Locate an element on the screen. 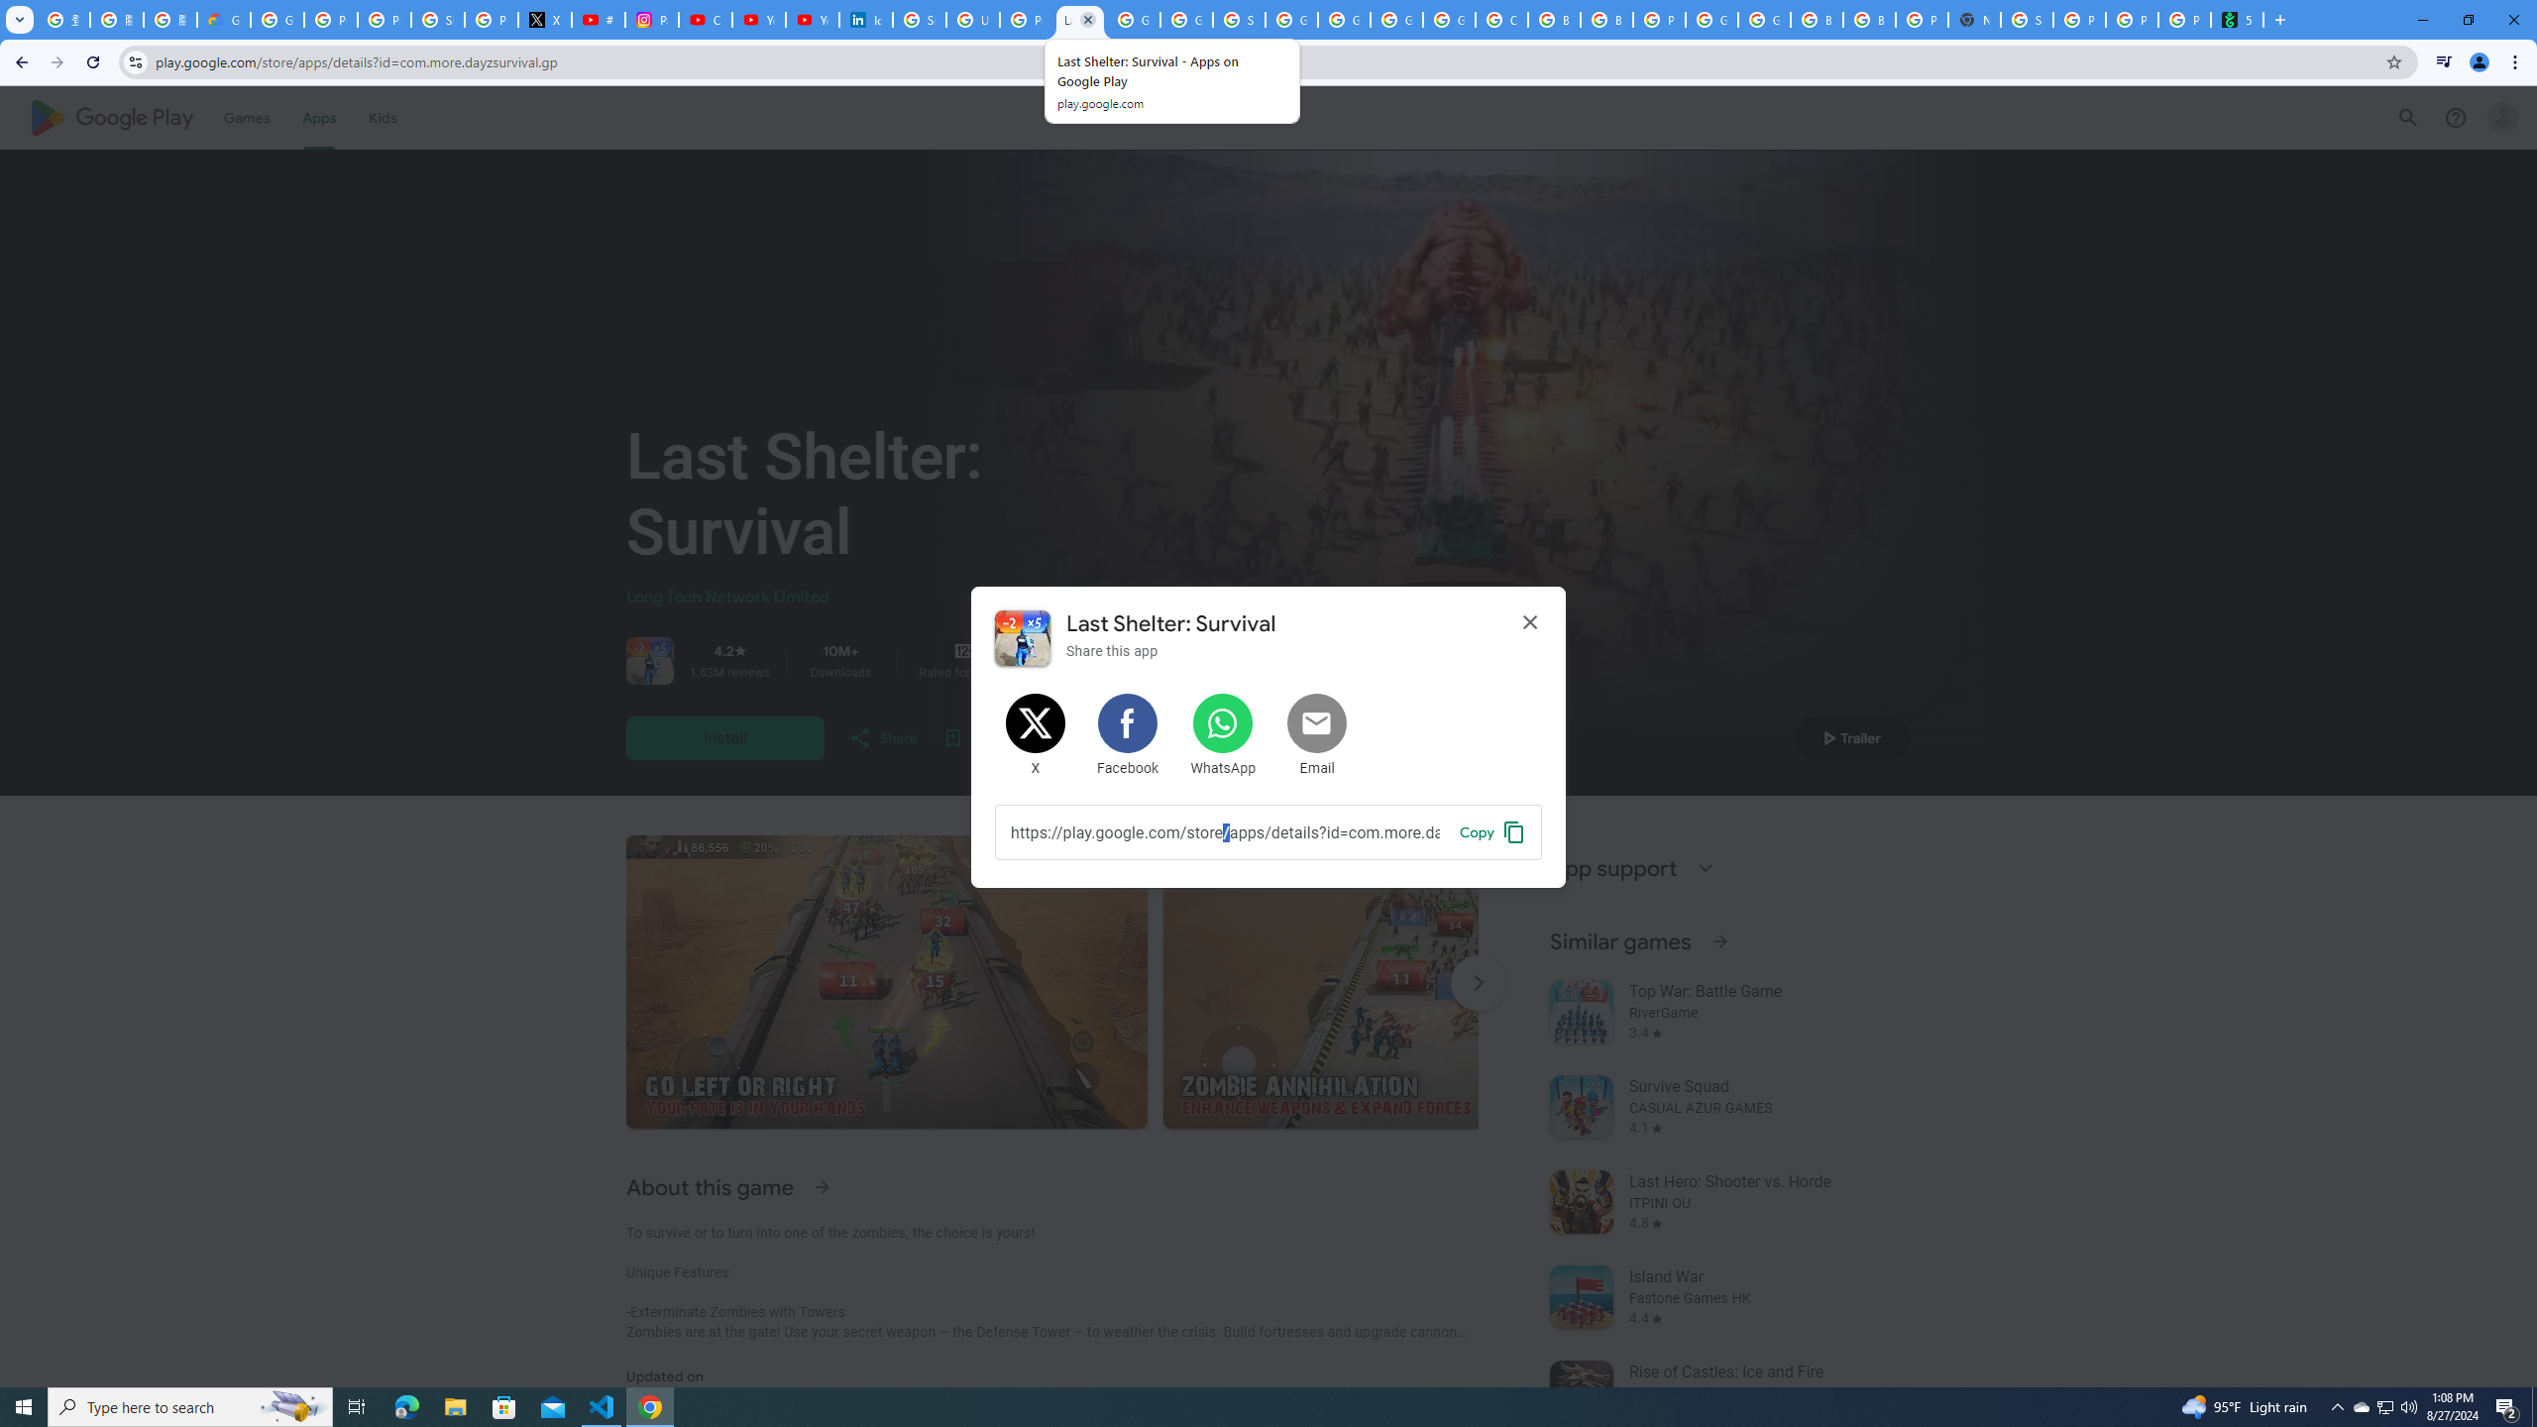  'Google Cloud Privacy Notice' is located at coordinates (222, 19).